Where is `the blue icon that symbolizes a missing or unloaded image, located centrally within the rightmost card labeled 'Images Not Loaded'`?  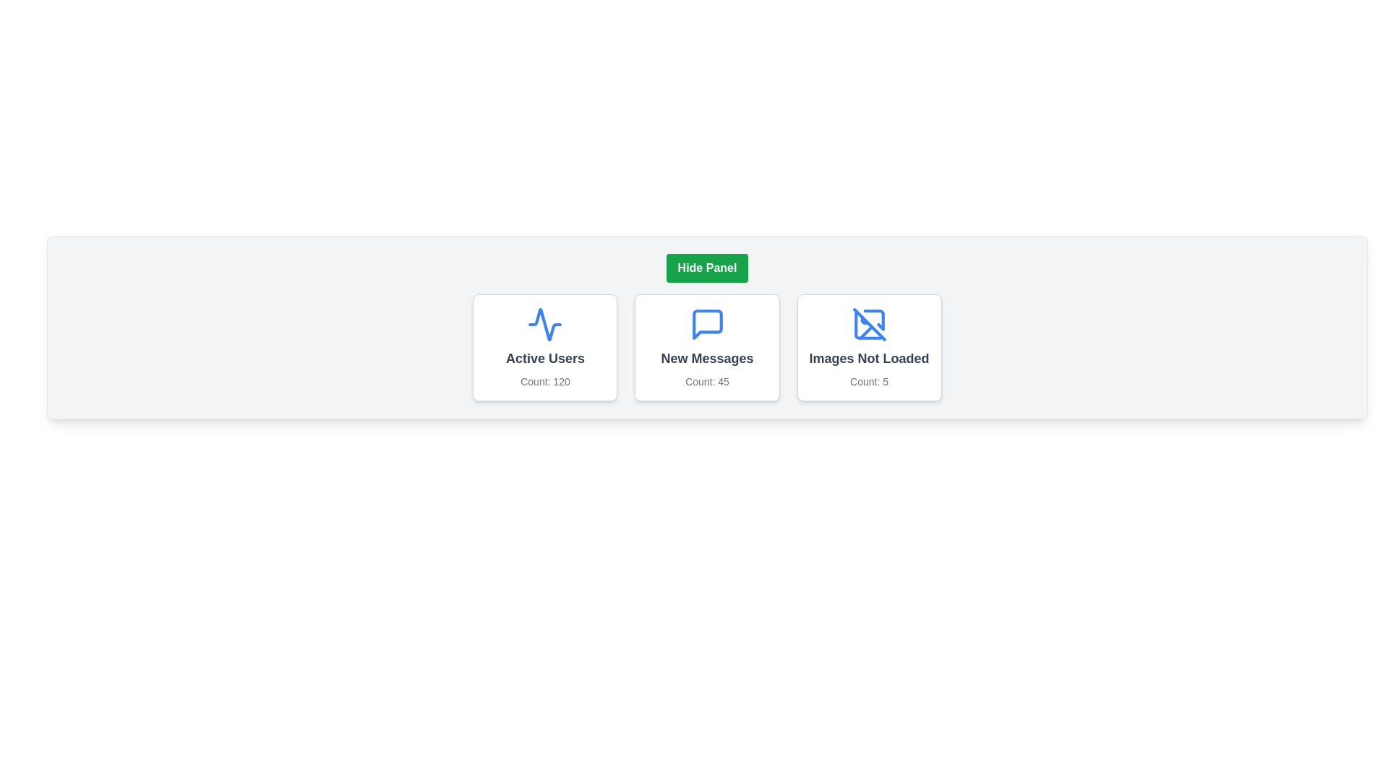 the blue icon that symbolizes a missing or unloaded image, located centrally within the rightmost card labeled 'Images Not Loaded' is located at coordinates (868, 323).